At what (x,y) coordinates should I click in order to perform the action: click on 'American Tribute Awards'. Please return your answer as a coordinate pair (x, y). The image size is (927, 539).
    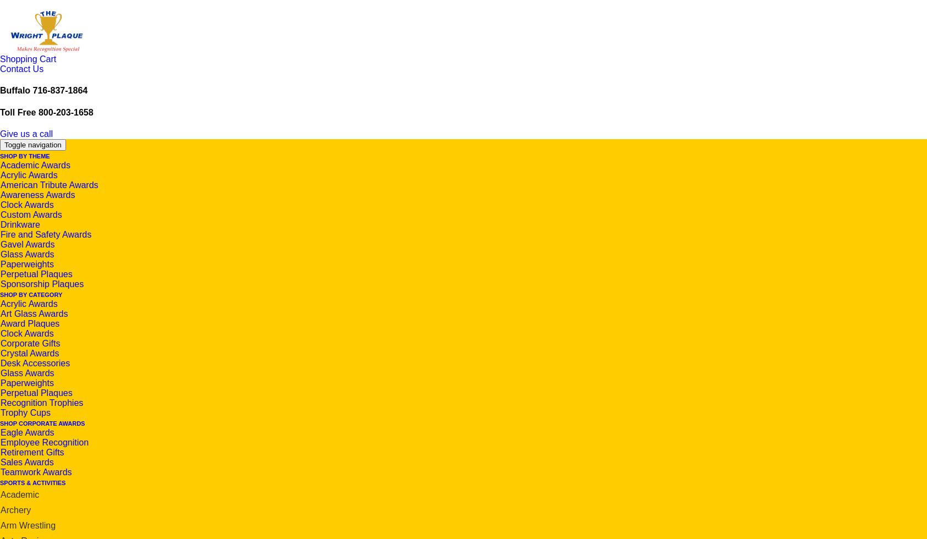
    Looking at the image, I should click on (48, 184).